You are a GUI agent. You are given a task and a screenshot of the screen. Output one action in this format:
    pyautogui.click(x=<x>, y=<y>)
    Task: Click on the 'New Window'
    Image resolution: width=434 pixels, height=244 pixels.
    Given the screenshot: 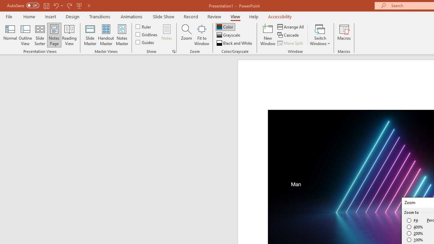 What is the action you would take?
    pyautogui.click(x=268, y=35)
    